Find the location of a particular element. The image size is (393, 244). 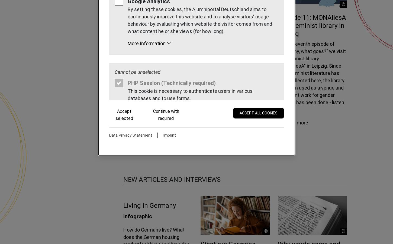

'Episode 12: Trier is "quant"!' is located at coordinates (151, 21).